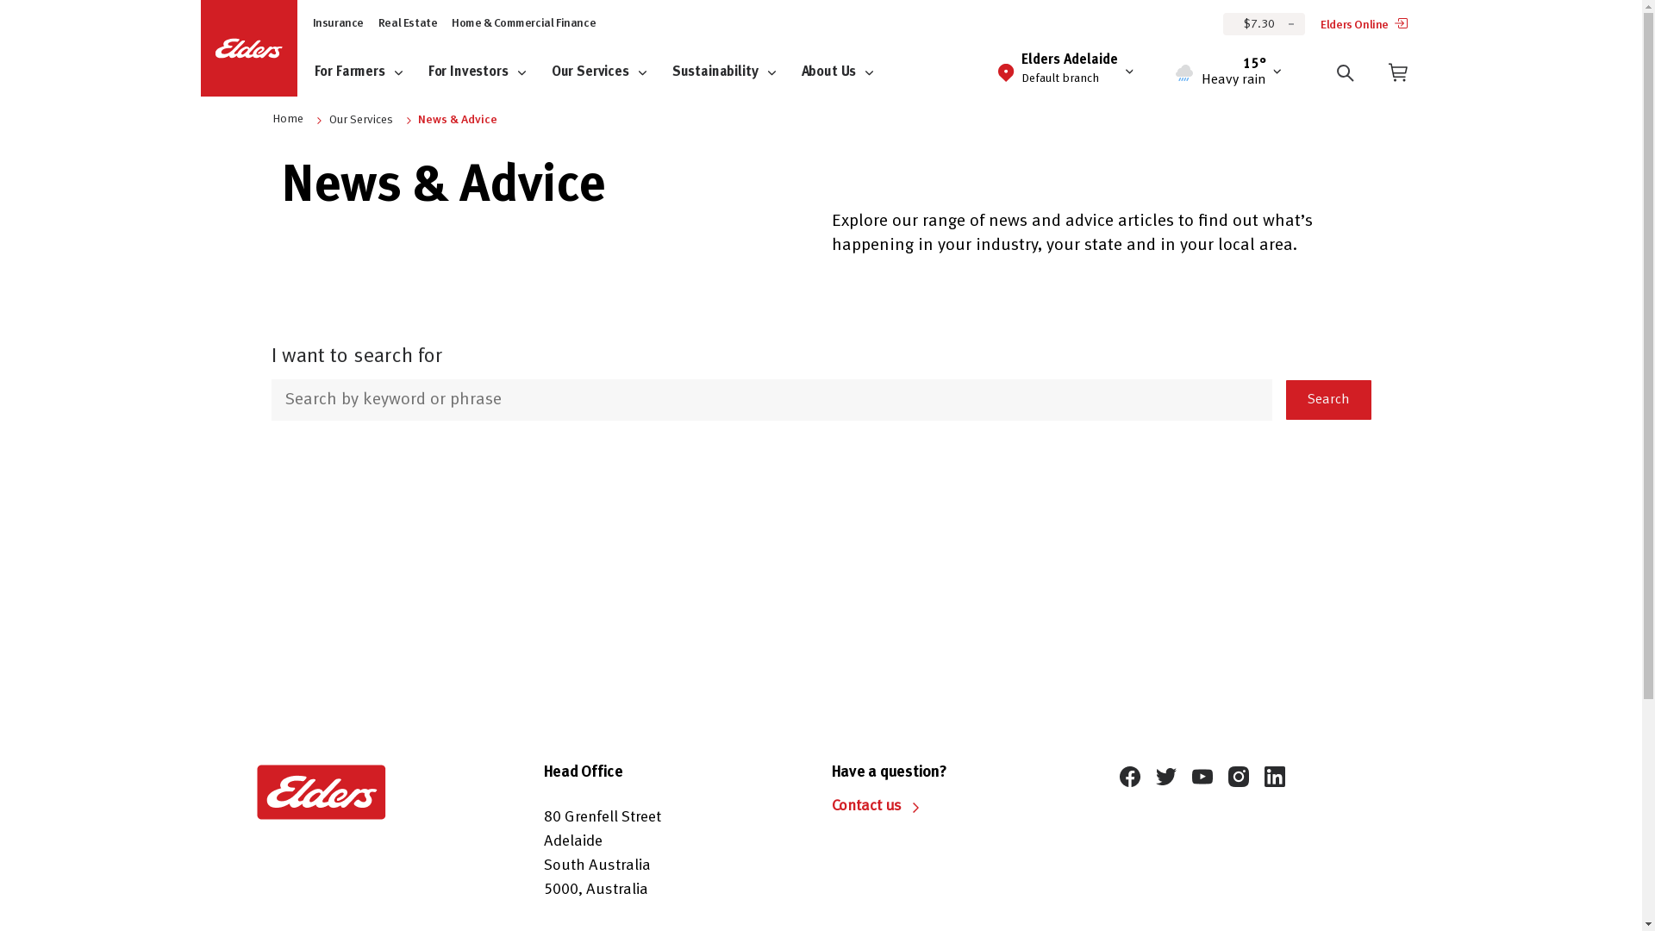 The height and width of the screenshot is (931, 1655). Describe the element at coordinates (847, 72) in the screenshot. I see `'About Us'` at that location.